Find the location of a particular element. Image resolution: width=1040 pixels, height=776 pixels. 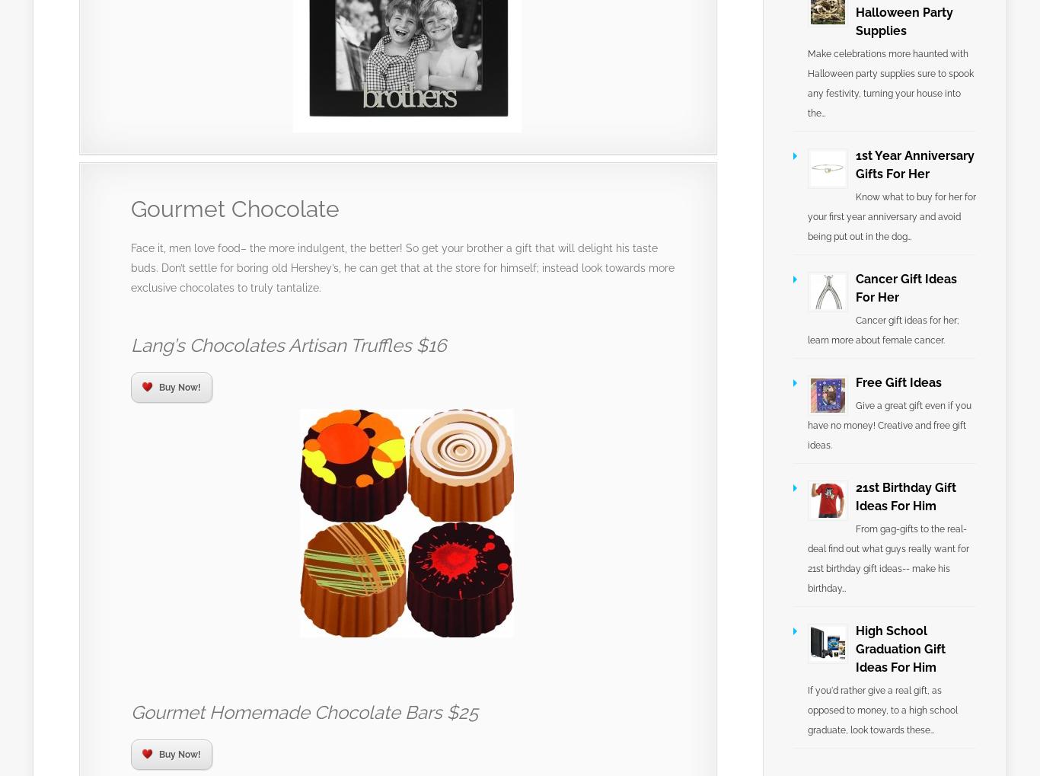

'If you'd rather give a real gift, as opposed to money, to a high school graduate, look towards these…' is located at coordinates (882, 709).